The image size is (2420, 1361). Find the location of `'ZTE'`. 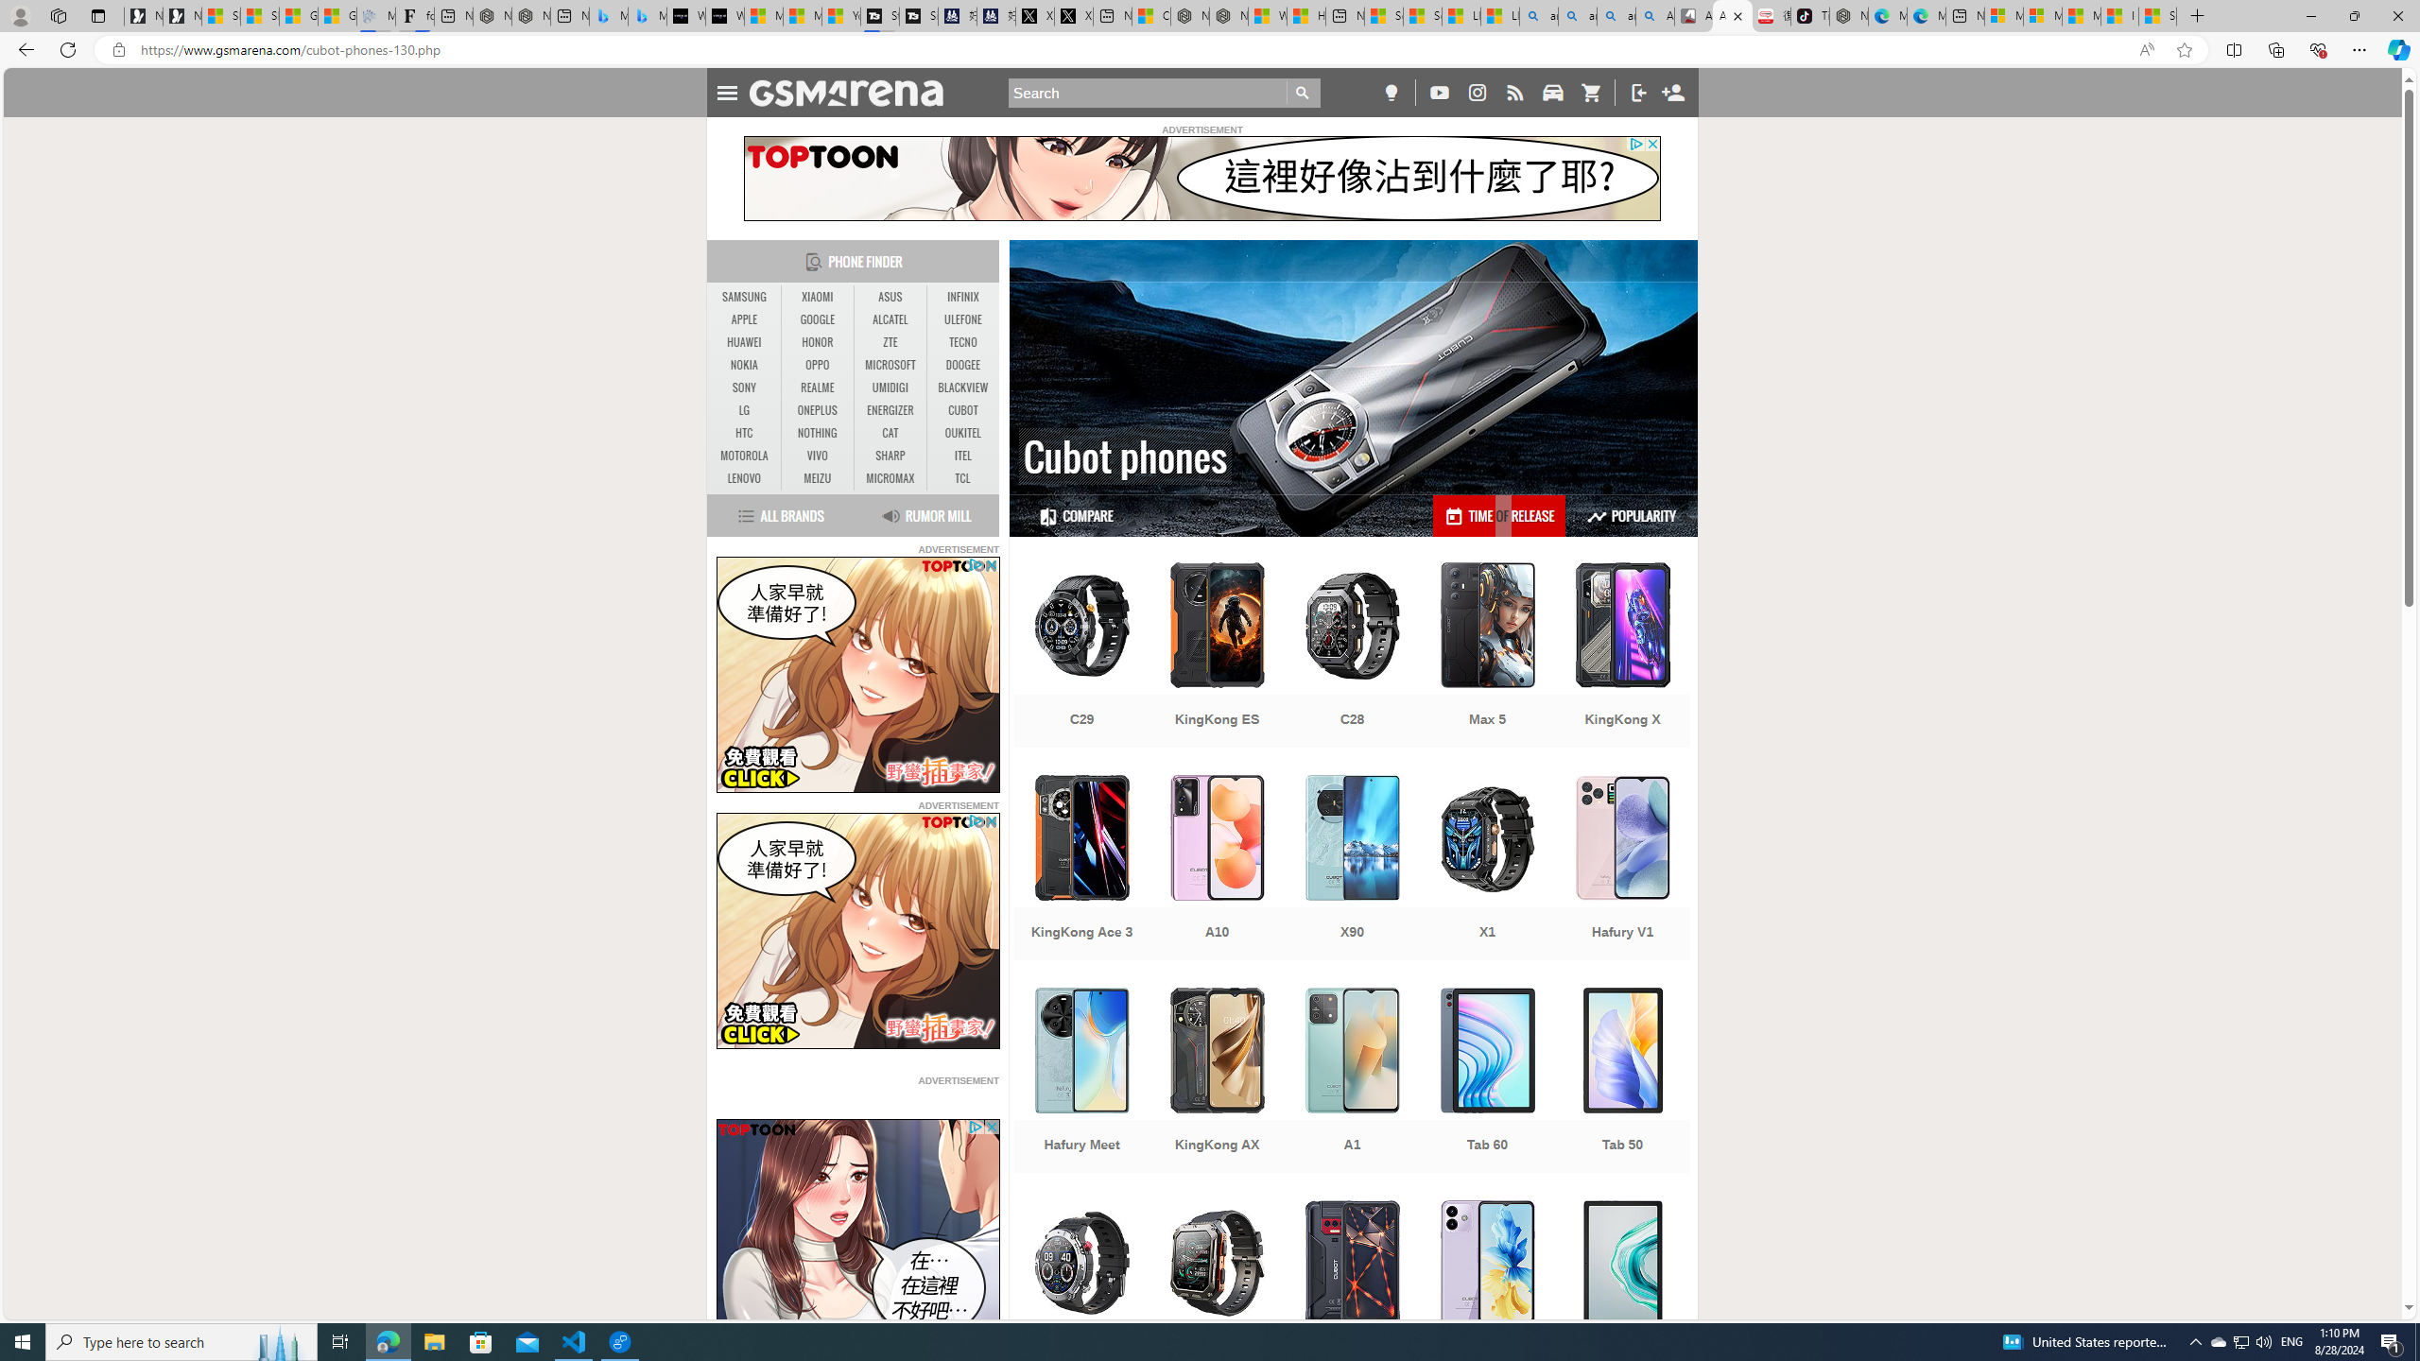

'ZTE' is located at coordinates (890, 341).